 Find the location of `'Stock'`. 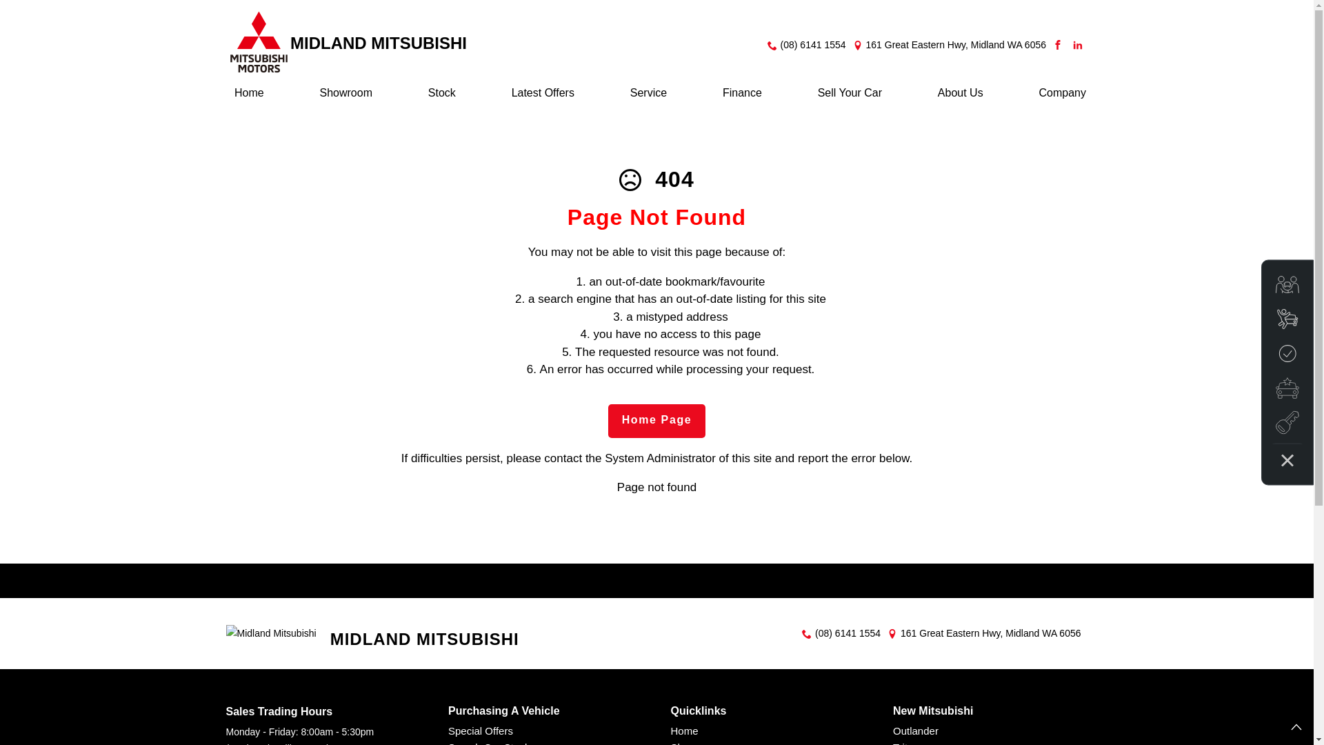

'Stock' is located at coordinates (442, 97).